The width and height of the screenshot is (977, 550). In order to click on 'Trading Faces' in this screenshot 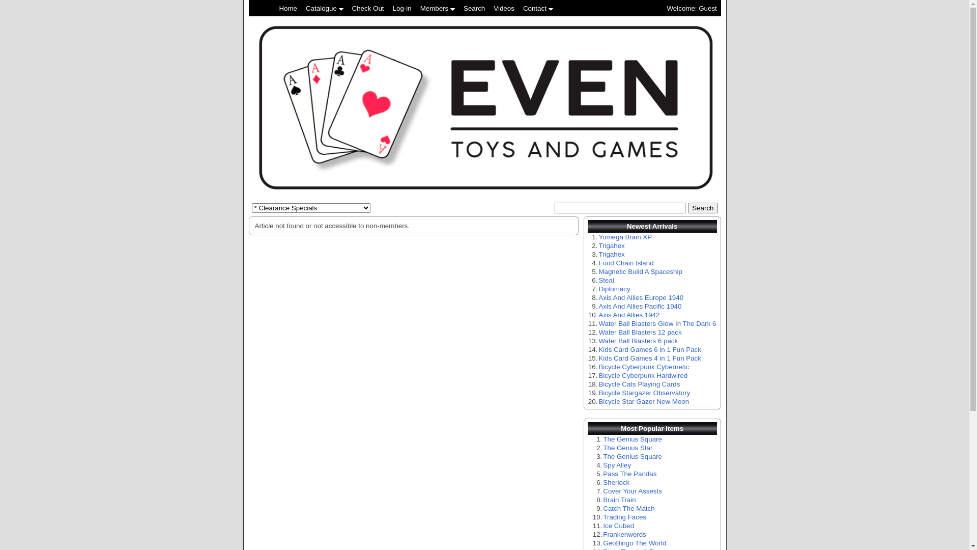, I will do `click(603, 517)`.